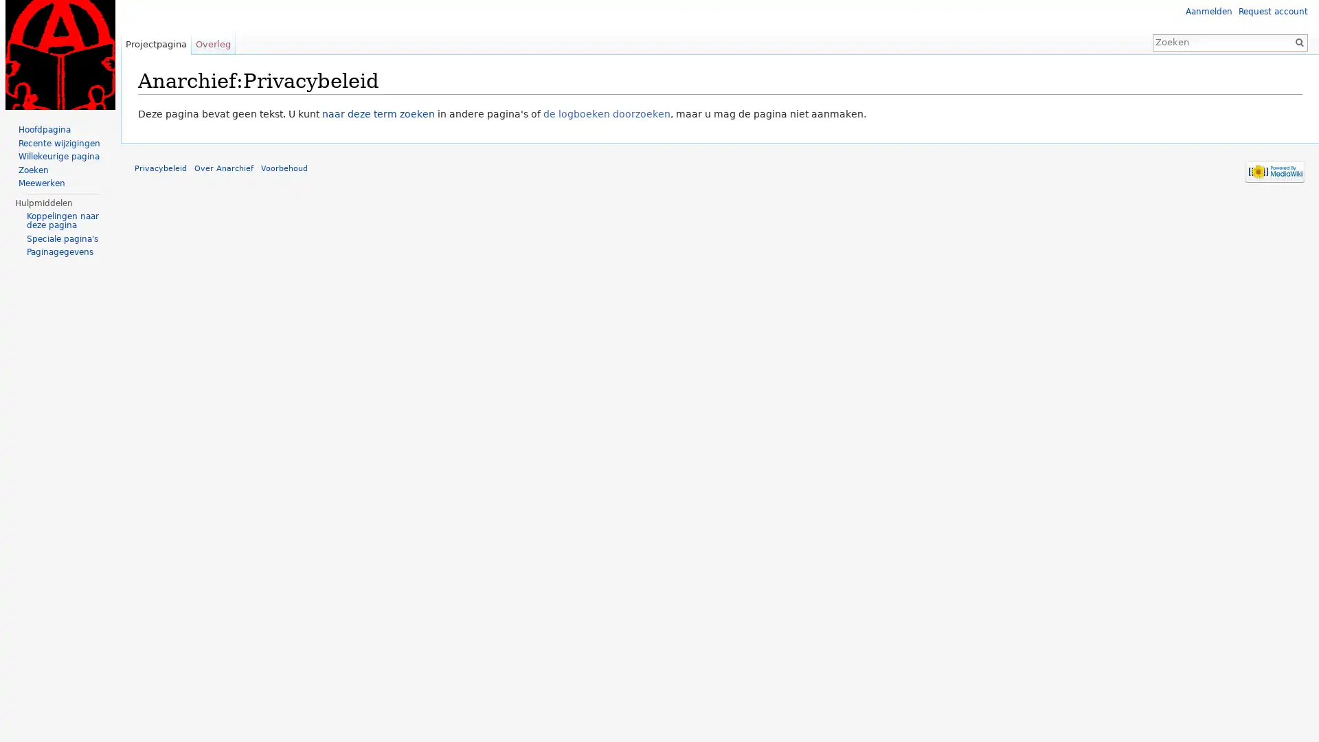 Image resolution: width=1319 pixels, height=742 pixels. What do you see at coordinates (1298, 41) in the screenshot?
I see `OK` at bounding box center [1298, 41].